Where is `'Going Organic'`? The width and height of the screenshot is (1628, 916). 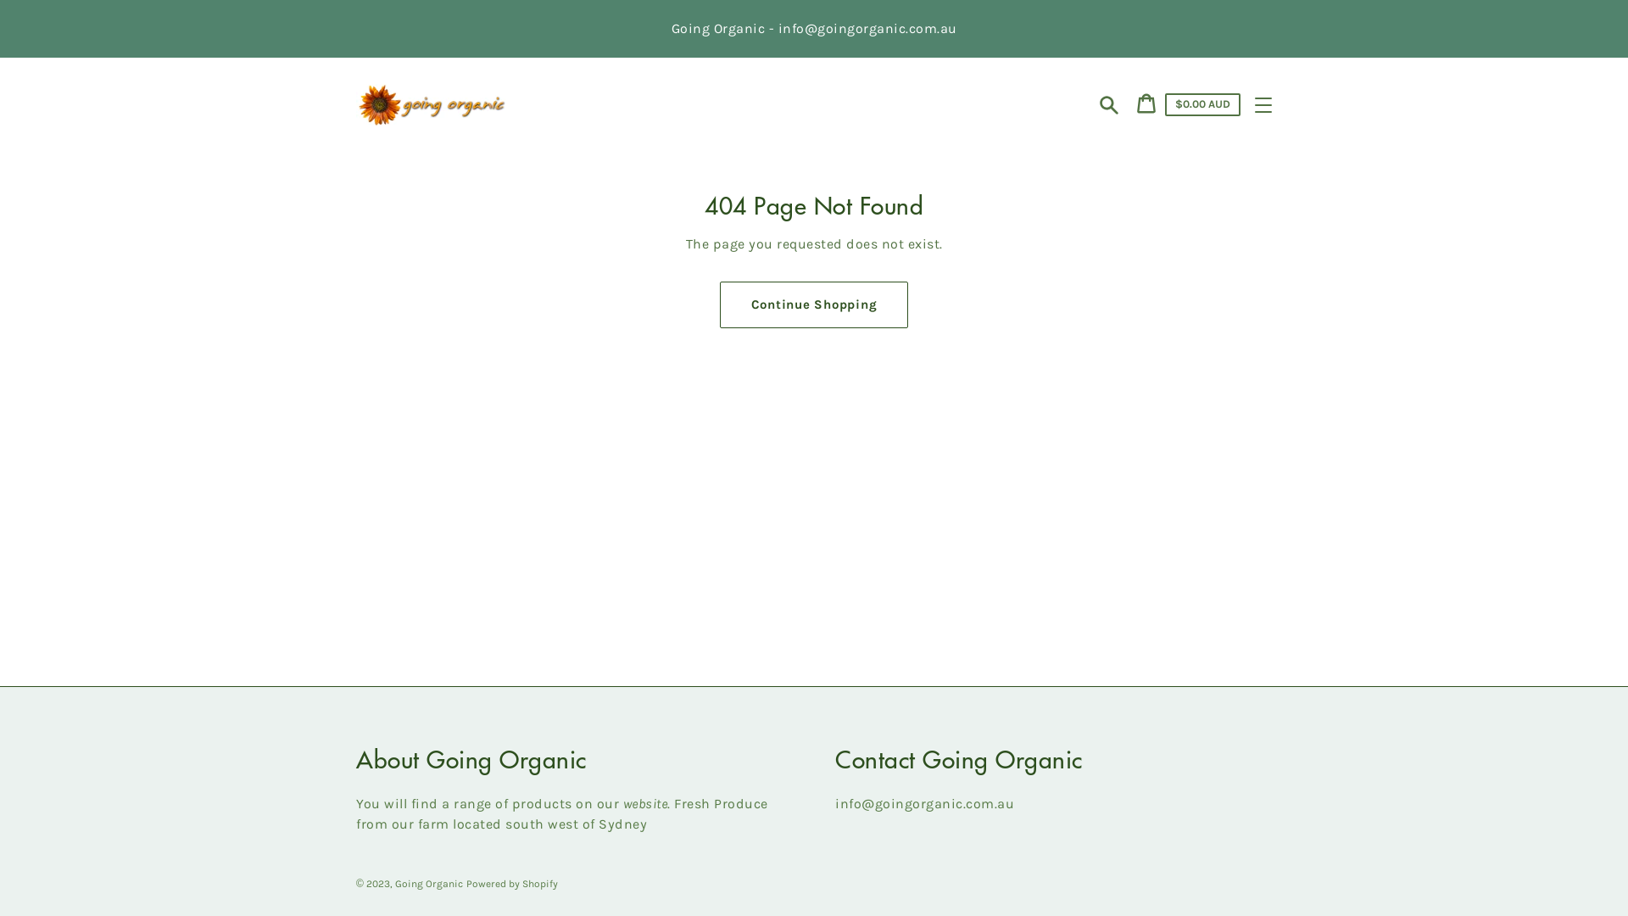 'Going Organic' is located at coordinates (428, 882).